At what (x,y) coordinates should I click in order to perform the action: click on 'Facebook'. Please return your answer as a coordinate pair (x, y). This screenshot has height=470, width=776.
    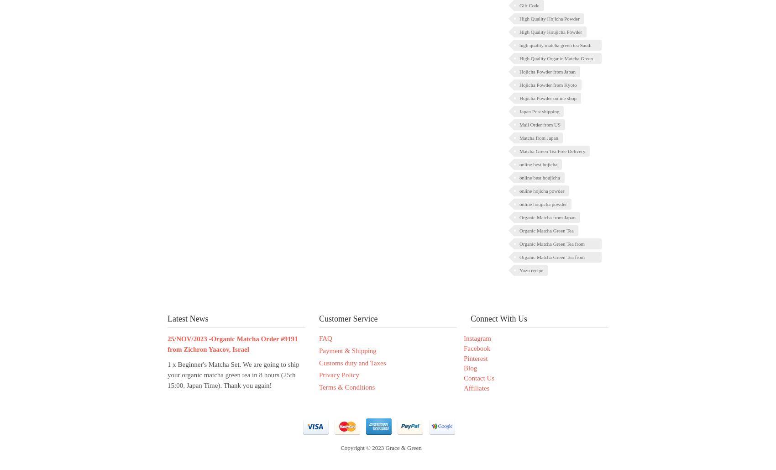
    Looking at the image, I should click on (476, 348).